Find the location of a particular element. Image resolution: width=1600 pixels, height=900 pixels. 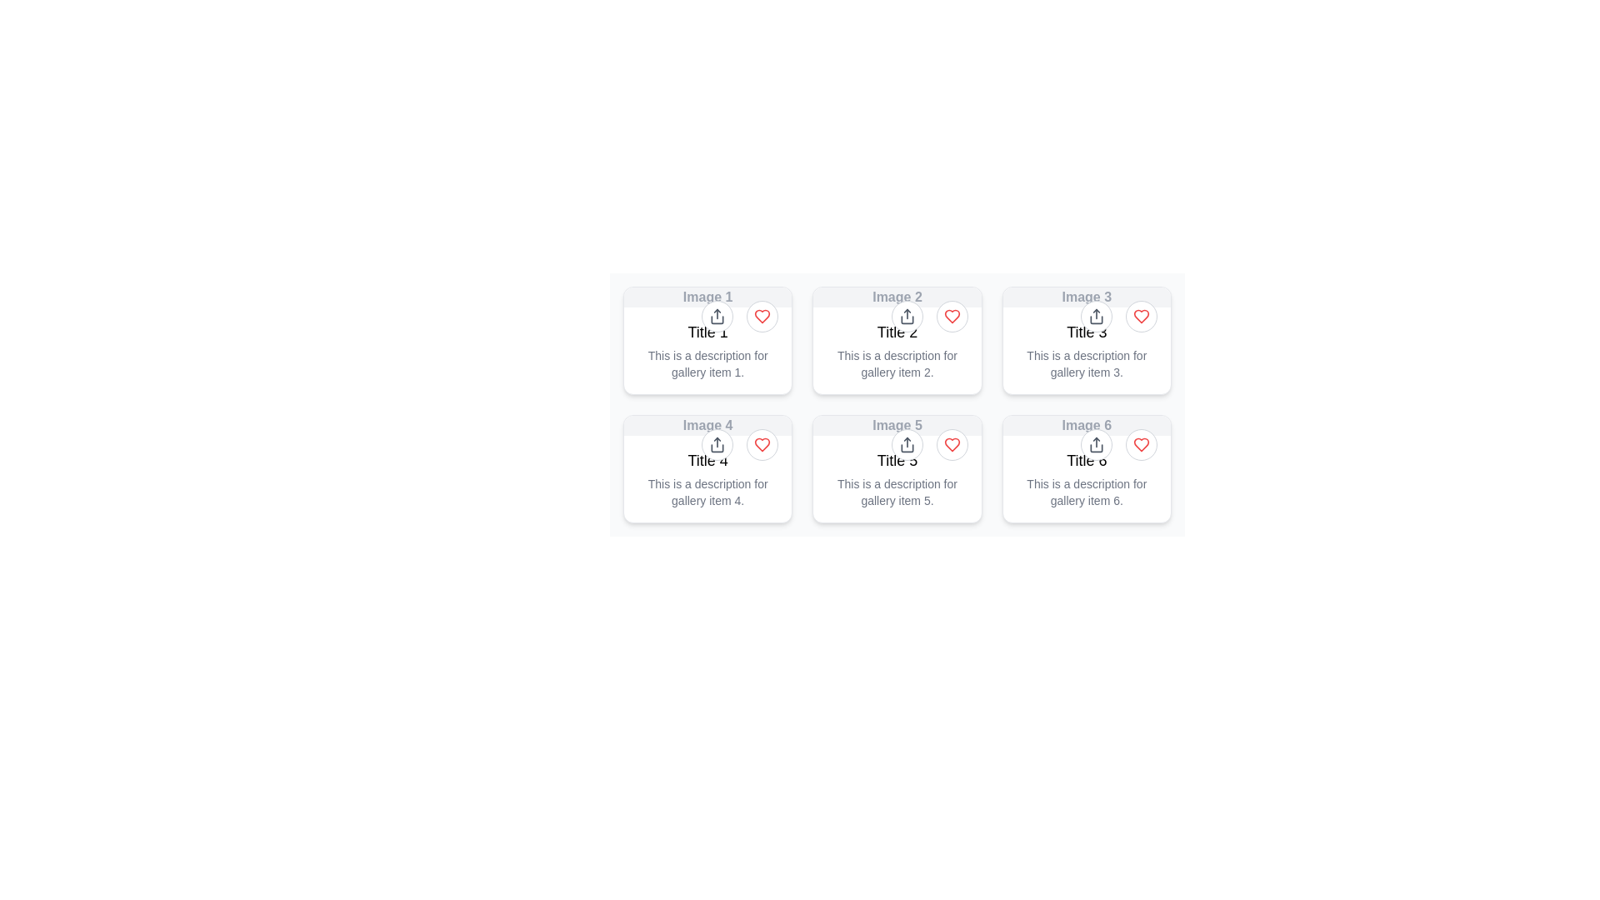

the like or favorite button located at the top-right corner of 'Image 6' card is located at coordinates (1140, 317).